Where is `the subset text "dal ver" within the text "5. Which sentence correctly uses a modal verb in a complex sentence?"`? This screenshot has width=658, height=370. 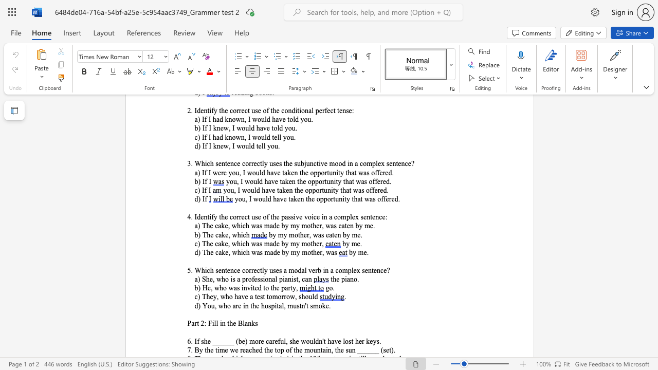 the subset text "dal ver" within the text "5. Which sentence correctly uses a modal verb in a complex sentence?" is located at coordinates (297, 270).